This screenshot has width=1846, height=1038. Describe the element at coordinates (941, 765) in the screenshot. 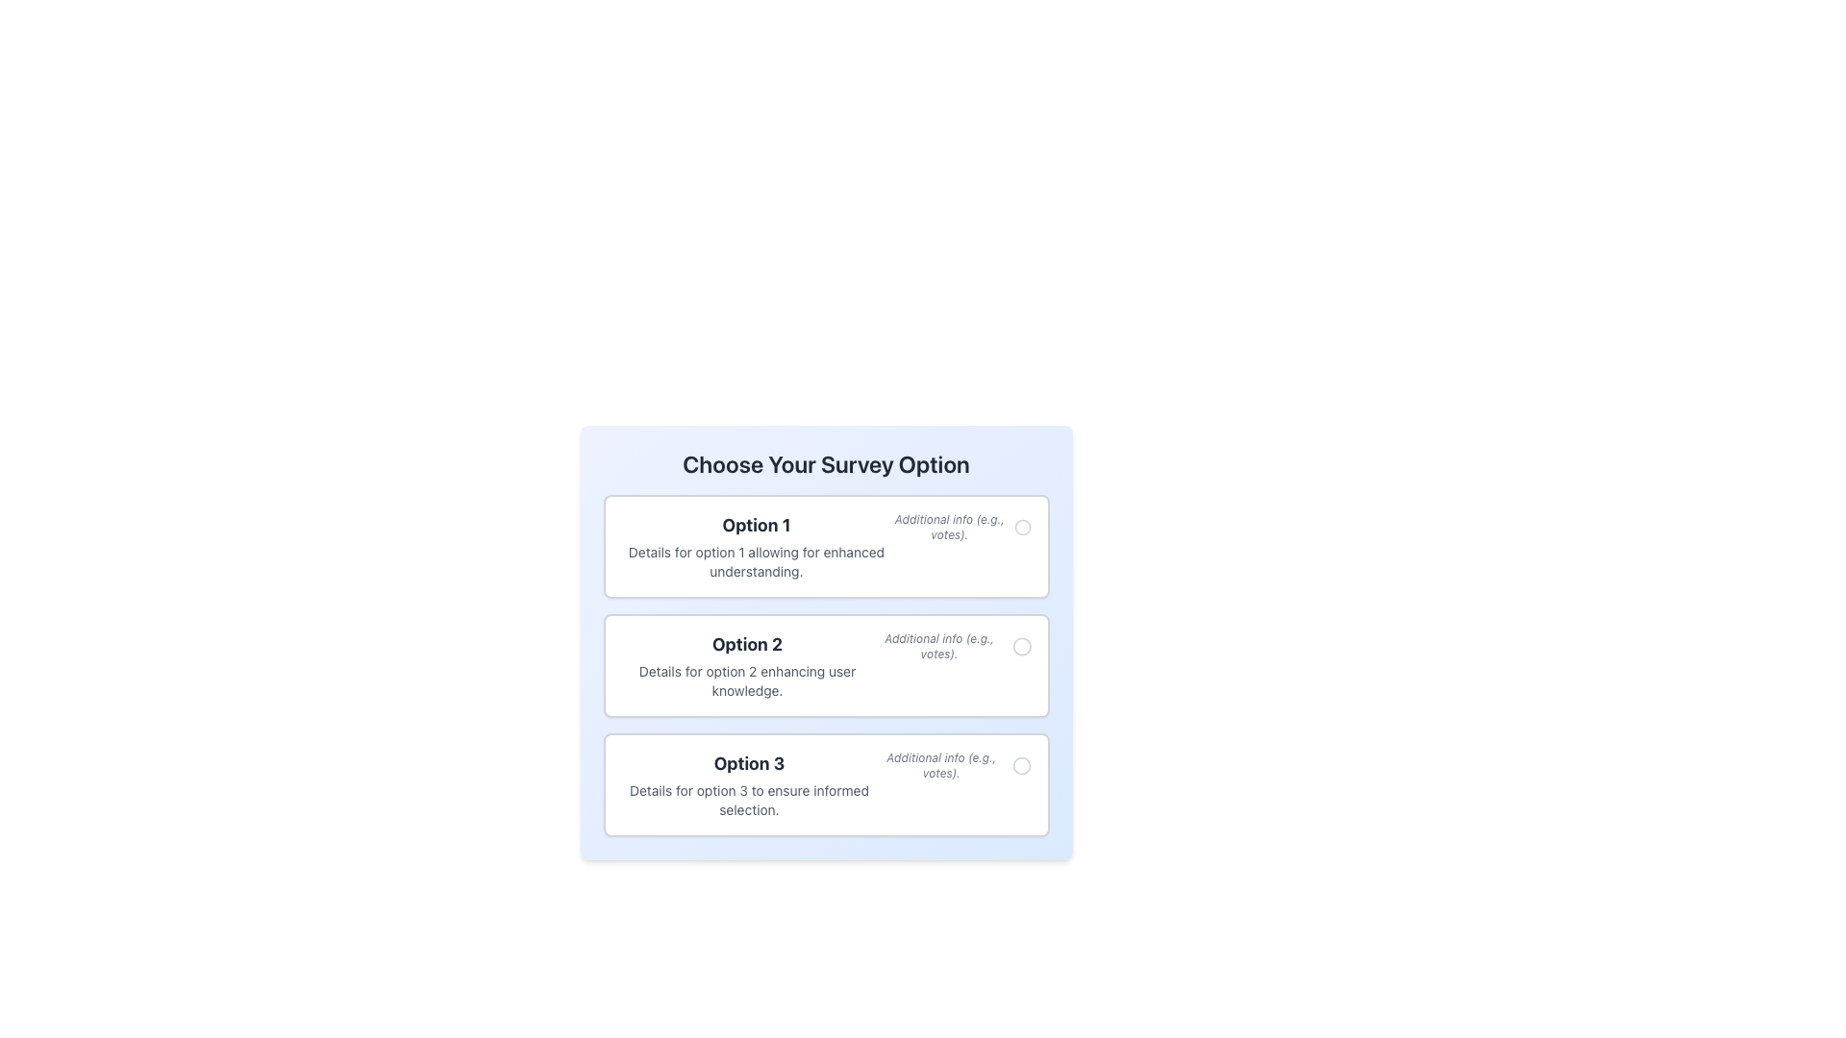

I see `the Text Label that provides additional details about the associated survey option, positioned to the right of the option's descriptive text and left of the corresponding radio button` at that location.